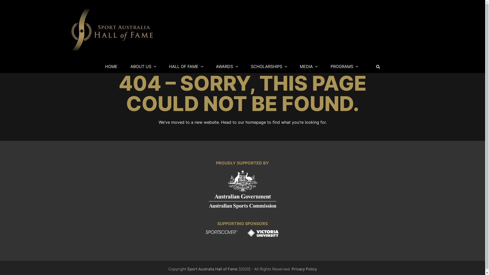 The height and width of the screenshot is (275, 489). Describe the element at coordinates (227, 66) in the screenshot. I see `'AWARDS'` at that location.